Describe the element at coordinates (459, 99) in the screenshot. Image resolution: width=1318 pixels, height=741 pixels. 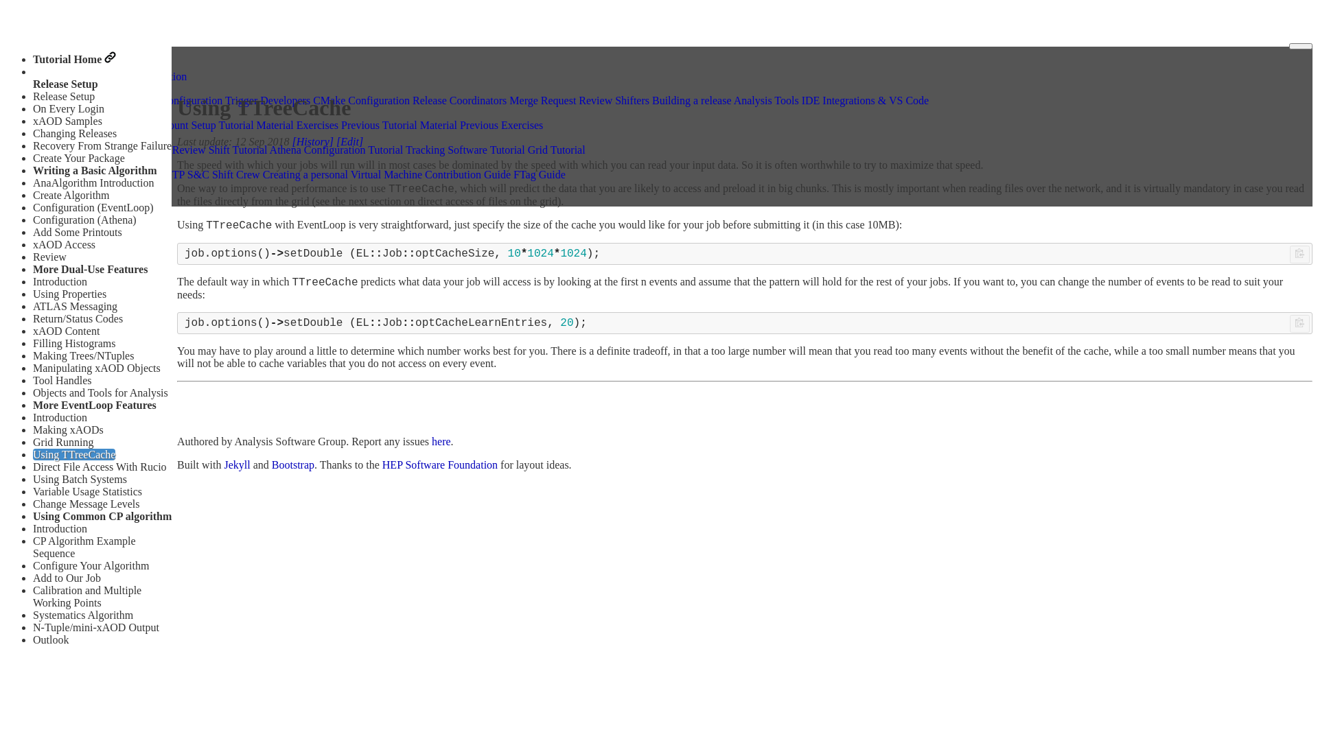
I see `'Release Coordinators'` at that location.